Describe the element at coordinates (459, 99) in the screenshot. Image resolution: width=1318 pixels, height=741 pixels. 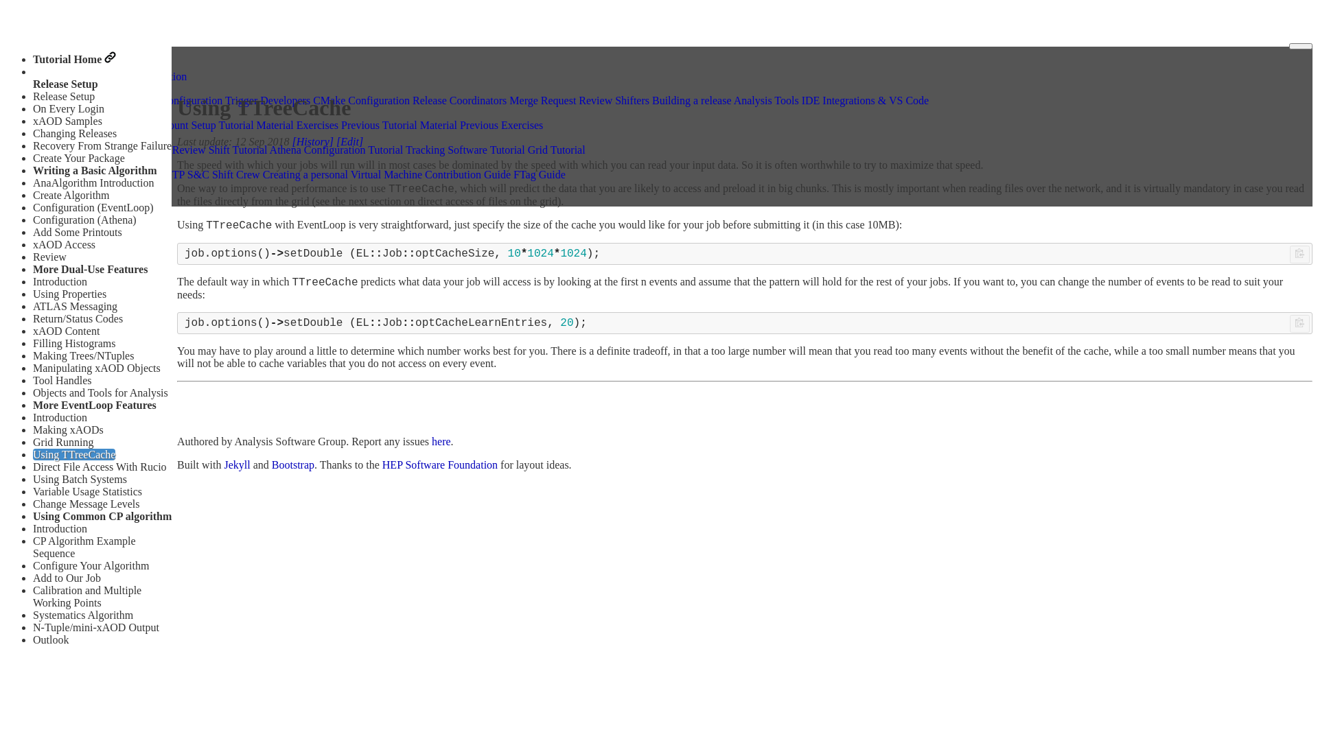
I see `'Release Coordinators'` at that location.